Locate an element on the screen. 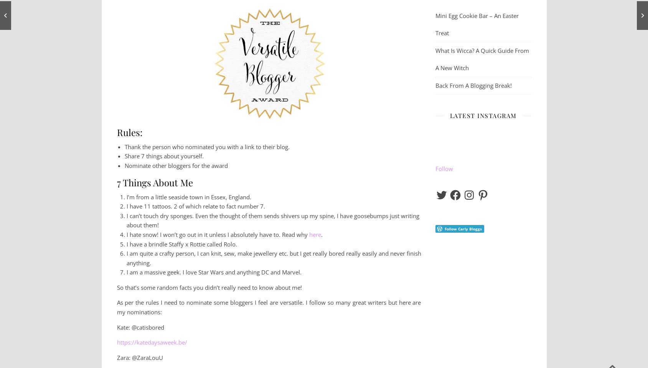 The height and width of the screenshot is (368, 648). 'As per the rules I need to nominate some bloggers I feel are versatile. I follow so many great writers but here are my nominations:' is located at coordinates (269, 307).